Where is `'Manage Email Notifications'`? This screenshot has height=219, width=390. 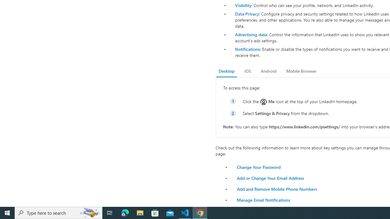 'Manage Email Notifications' is located at coordinates (264, 200).